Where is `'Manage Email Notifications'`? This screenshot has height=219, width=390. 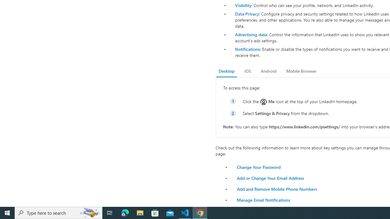 'Manage Email Notifications' is located at coordinates (264, 200).